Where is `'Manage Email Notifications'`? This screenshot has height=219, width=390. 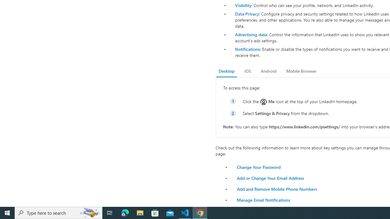 'Manage Email Notifications' is located at coordinates (264, 200).